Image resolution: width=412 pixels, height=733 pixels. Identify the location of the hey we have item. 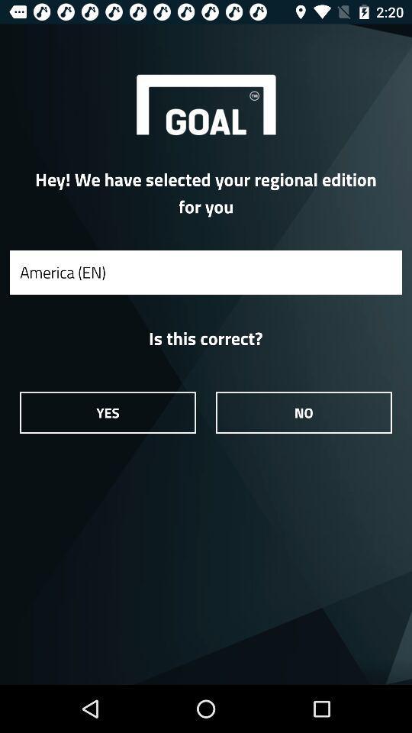
(206, 192).